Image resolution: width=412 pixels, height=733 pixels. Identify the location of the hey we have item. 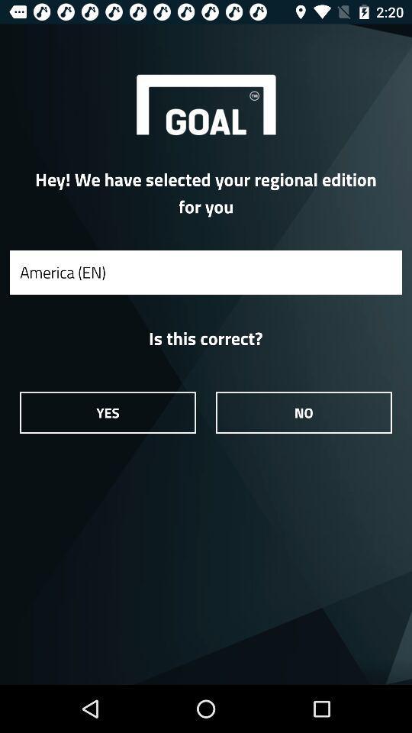
(206, 192).